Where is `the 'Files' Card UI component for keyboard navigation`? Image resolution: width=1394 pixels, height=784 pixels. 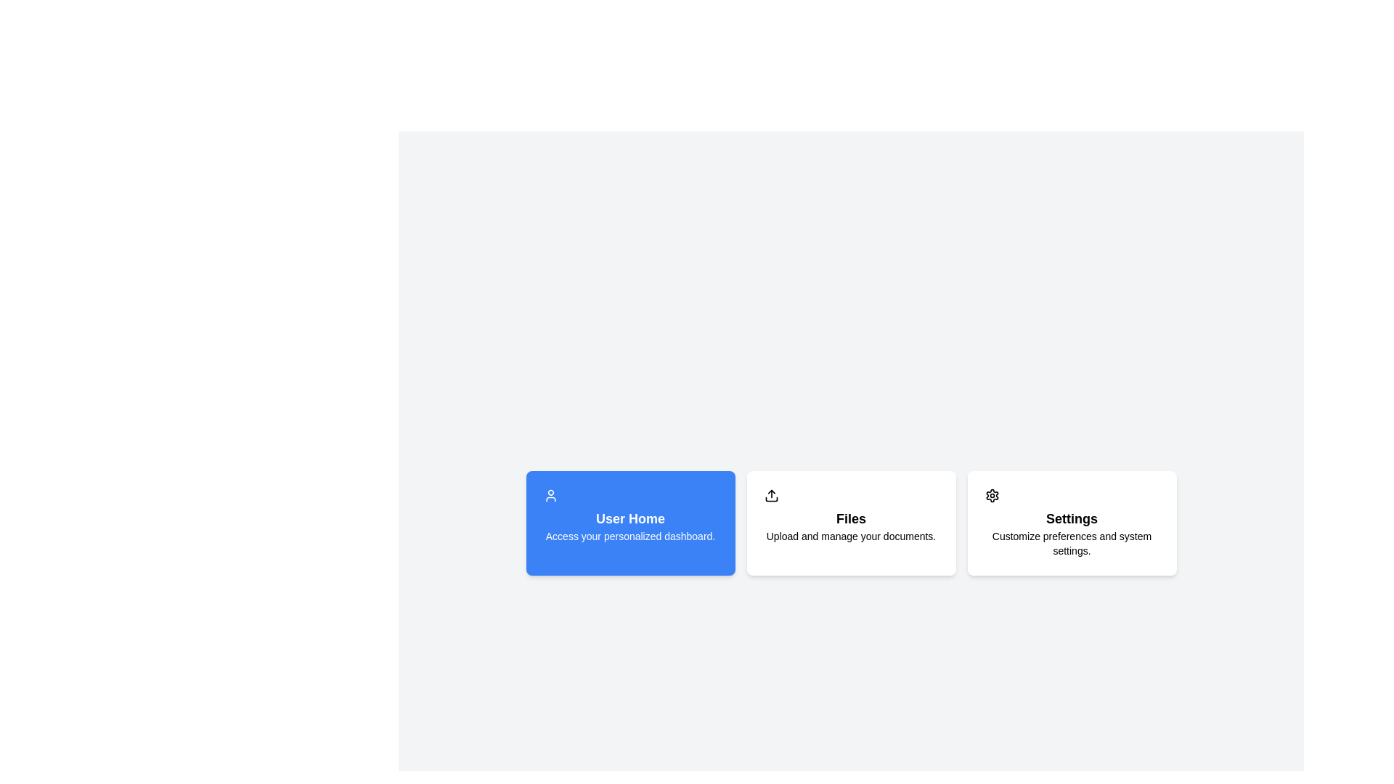 the 'Files' Card UI component for keyboard navigation is located at coordinates (851, 523).